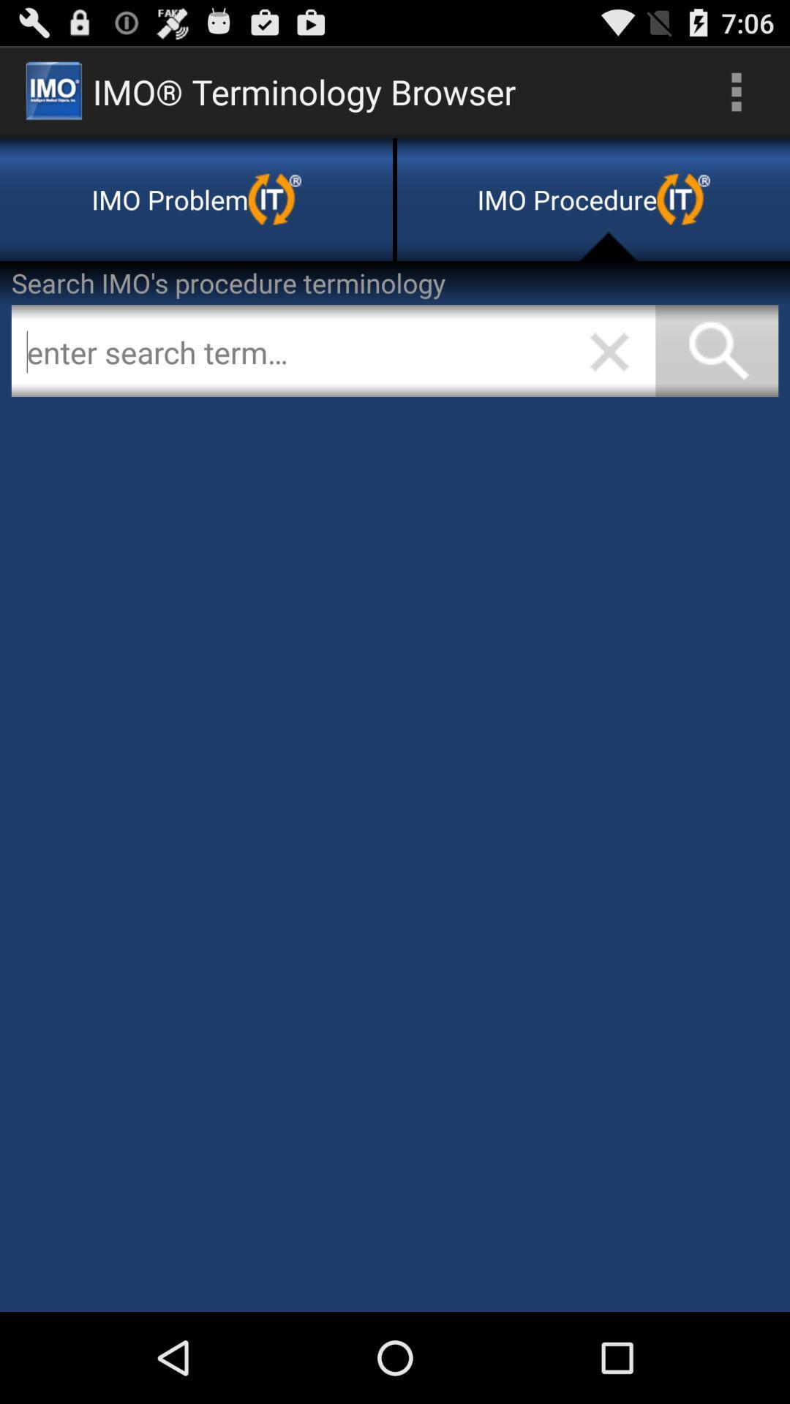  What do you see at coordinates (333, 351) in the screenshot?
I see `search` at bounding box center [333, 351].